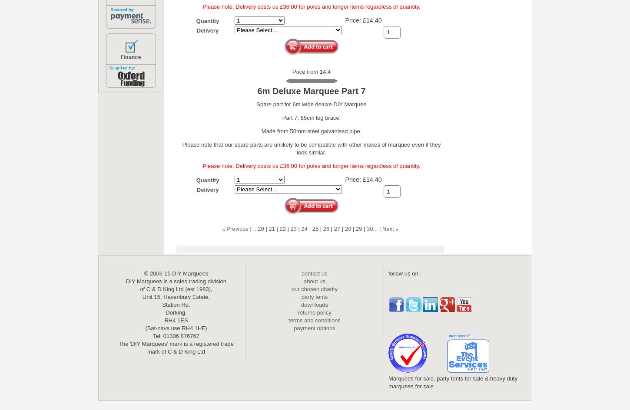 The image size is (630, 410). I want to click on '22', so click(282, 228).